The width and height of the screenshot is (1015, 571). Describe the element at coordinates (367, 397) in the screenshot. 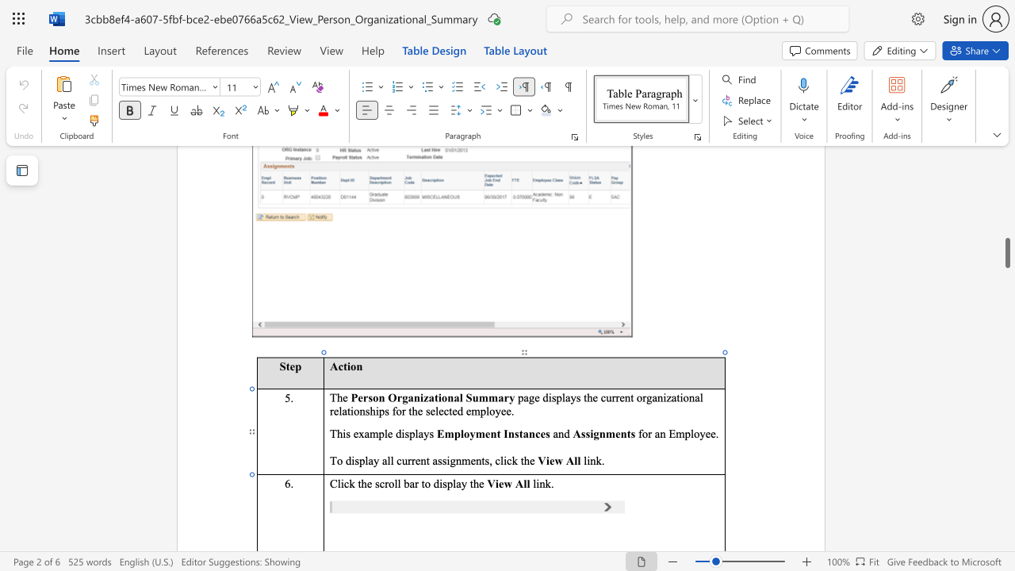

I see `the space between the continuous character "r" and "s" in the text` at that location.